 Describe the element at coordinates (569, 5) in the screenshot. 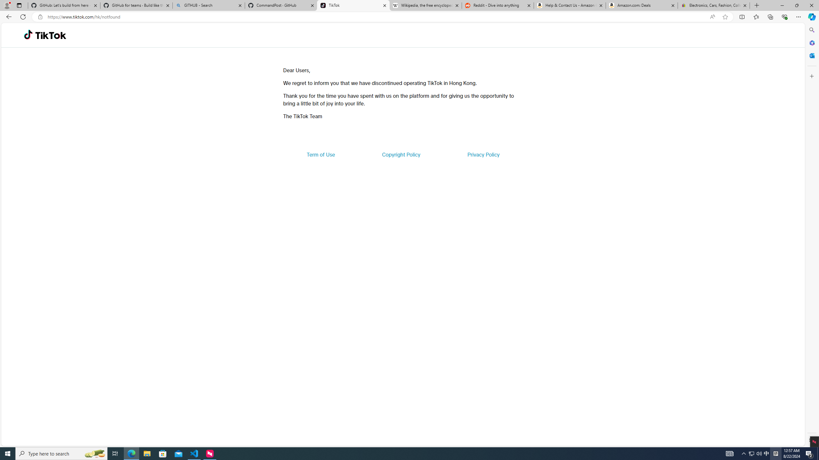

I see `'Help & Contact Us - Amazon Customer Service'` at that location.